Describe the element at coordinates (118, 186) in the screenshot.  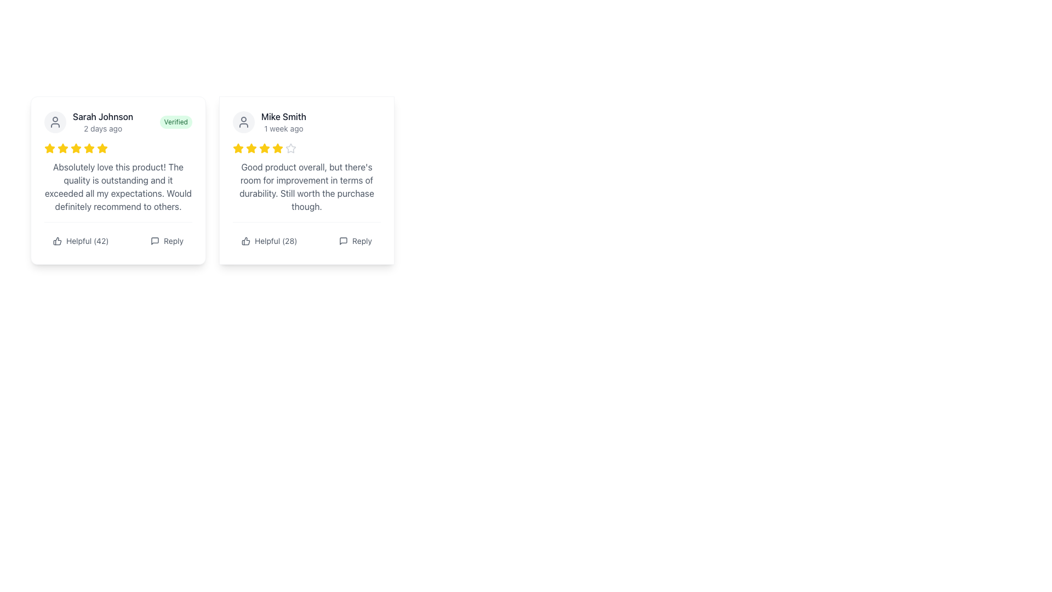
I see `detailed feedback text content located within the review card titled 'Sarah Johnson 2 days ago - Verified', positioned below the rating stars and above the interactive actions 'Helpful' and 'Reply'` at that location.